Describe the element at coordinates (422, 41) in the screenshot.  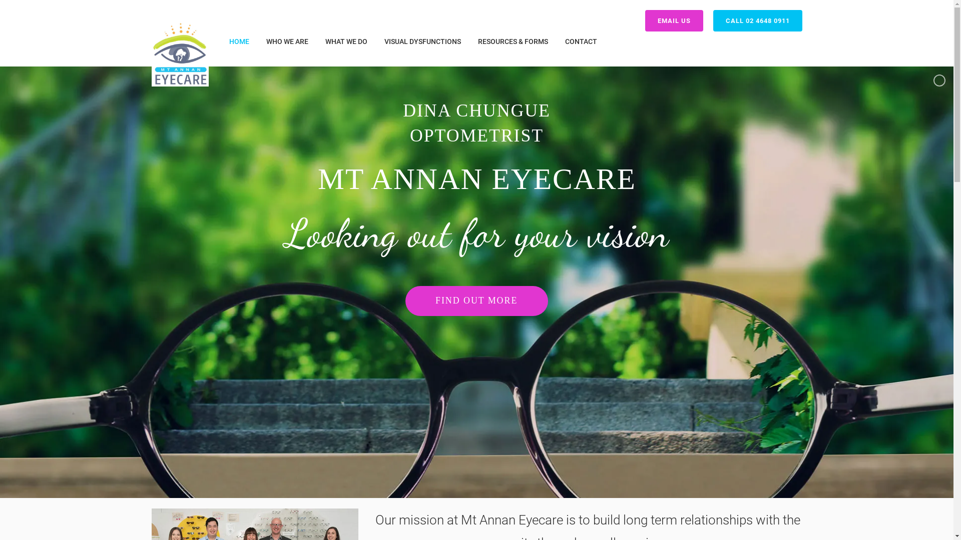
I see `'VISUAL DYSFUNCTIONS'` at that location.